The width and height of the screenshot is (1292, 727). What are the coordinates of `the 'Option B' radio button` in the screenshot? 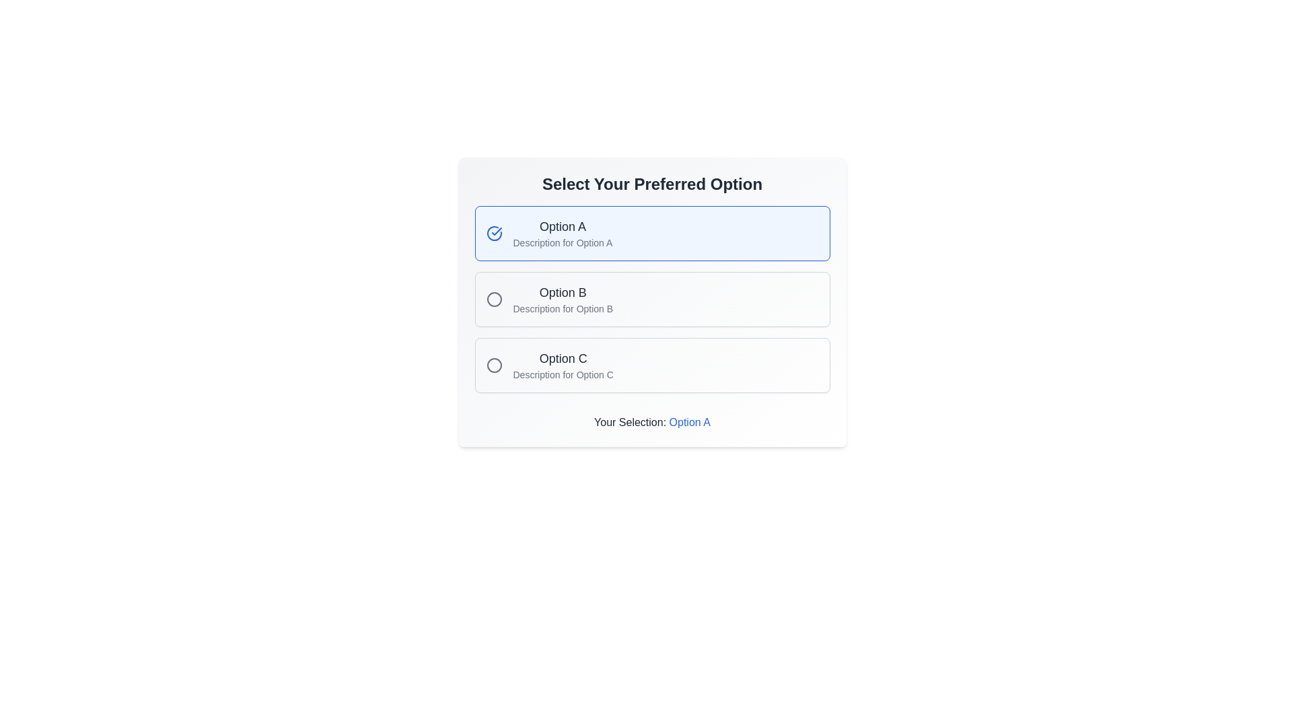 It's located at (652, 298).